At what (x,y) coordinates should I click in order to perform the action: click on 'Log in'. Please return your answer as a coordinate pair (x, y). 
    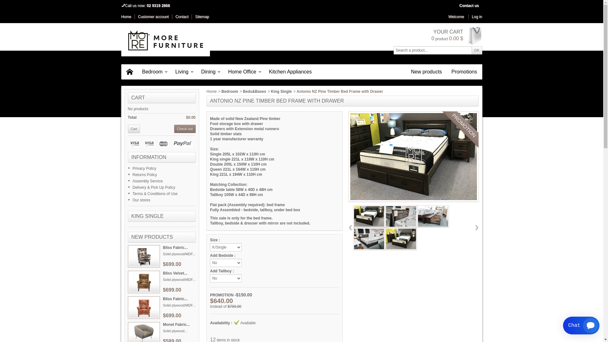
    Looking at the image, I should click on (475, 16).